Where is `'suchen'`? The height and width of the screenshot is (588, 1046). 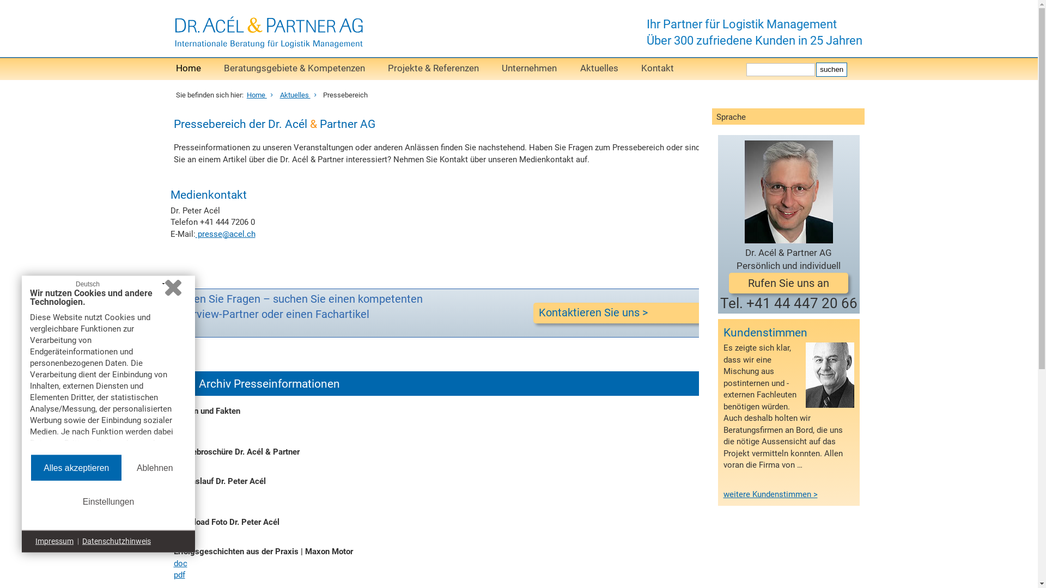
'suchen' is located at coordinates (831, 69).